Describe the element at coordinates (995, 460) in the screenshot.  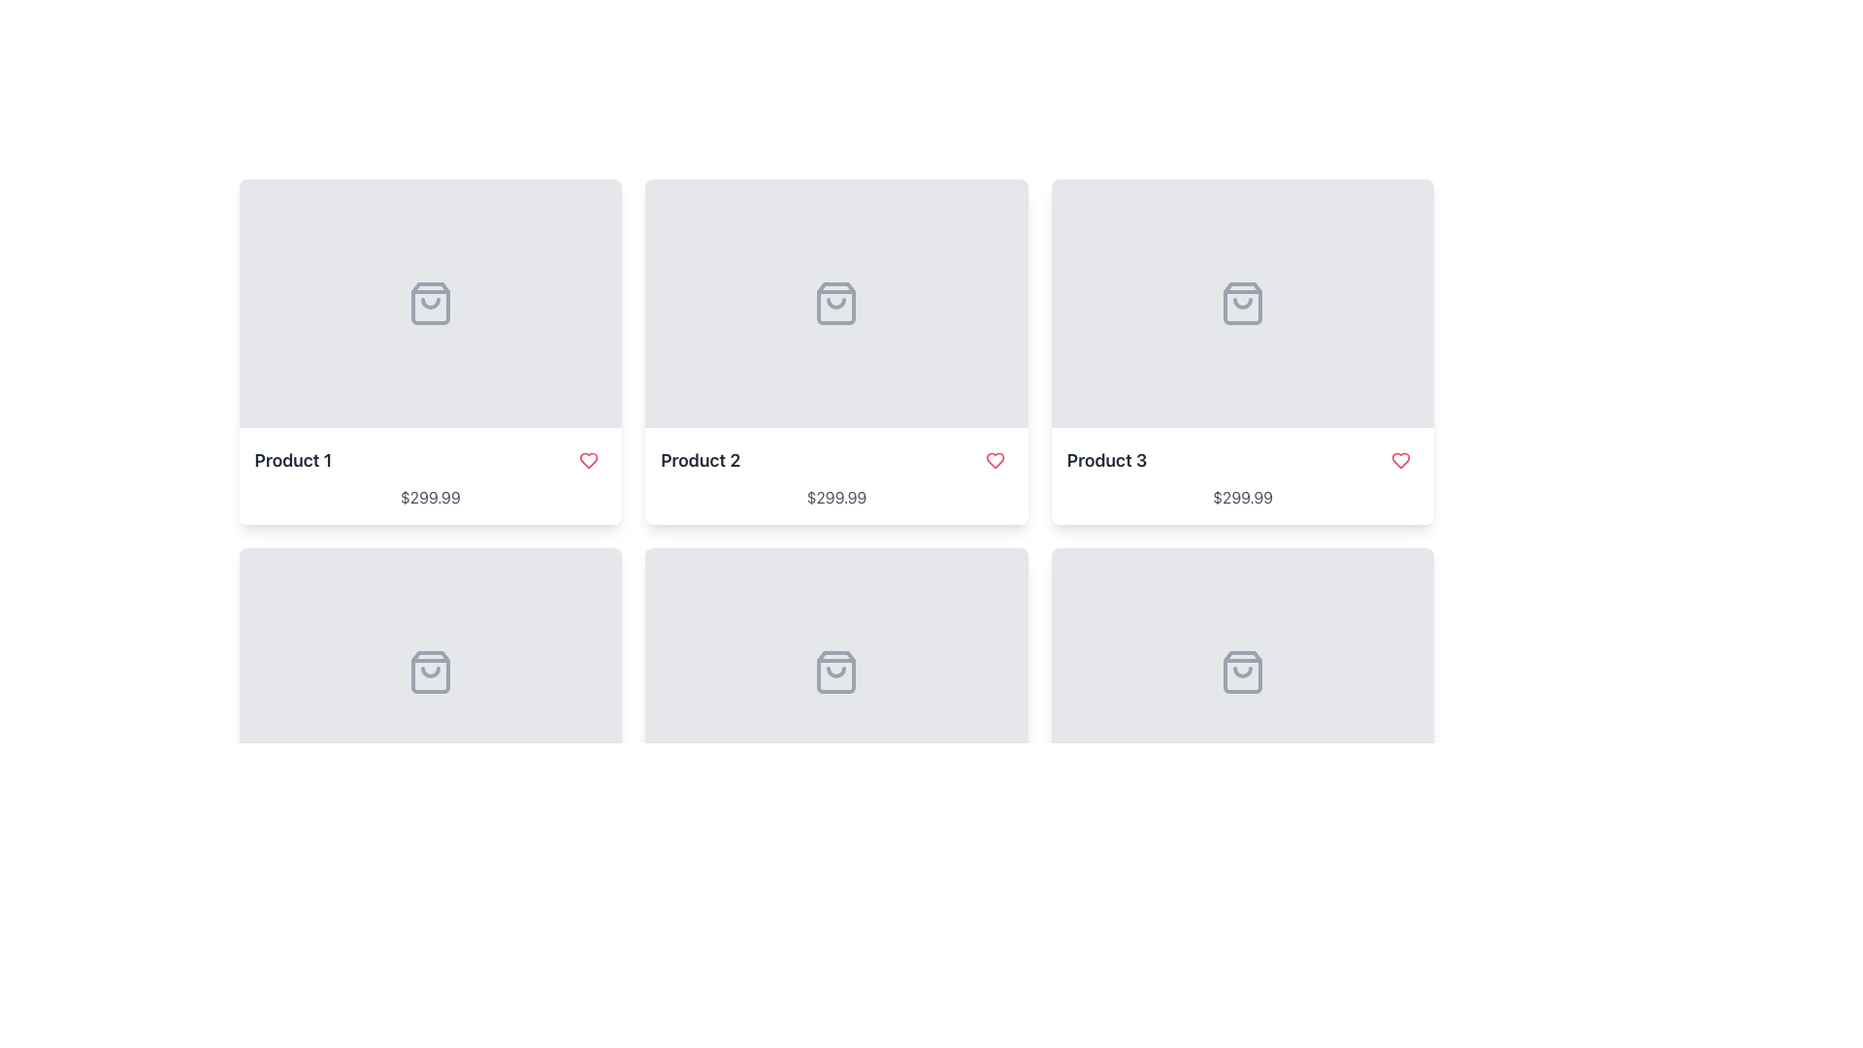
I see `the heart icon on the Like button to favorite 'Product 2', which is located to the right of the text 'Product 2' and above the price '$299.99' in the second product card` at that location.